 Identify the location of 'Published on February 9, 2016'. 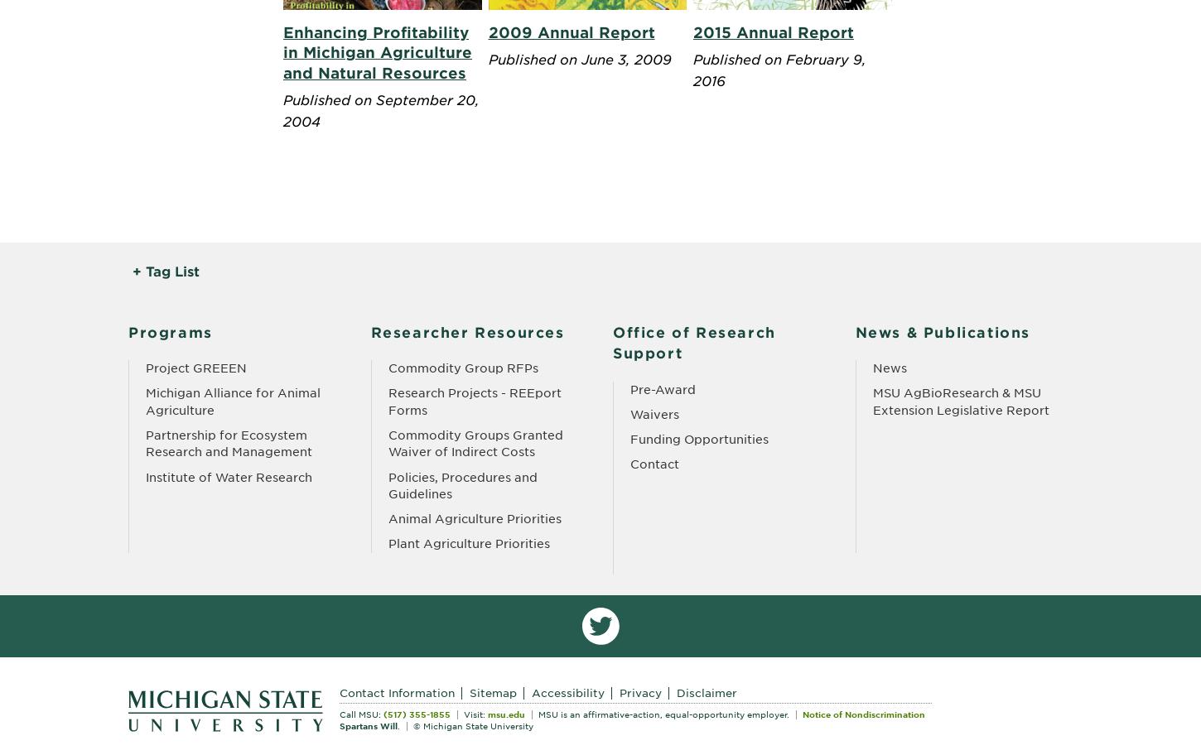
(779, 70).